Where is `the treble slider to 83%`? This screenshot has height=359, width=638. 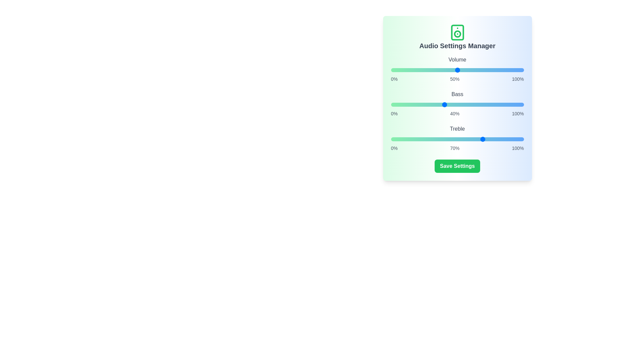 the treble slider to 83% is located at coordinates (501, 139).